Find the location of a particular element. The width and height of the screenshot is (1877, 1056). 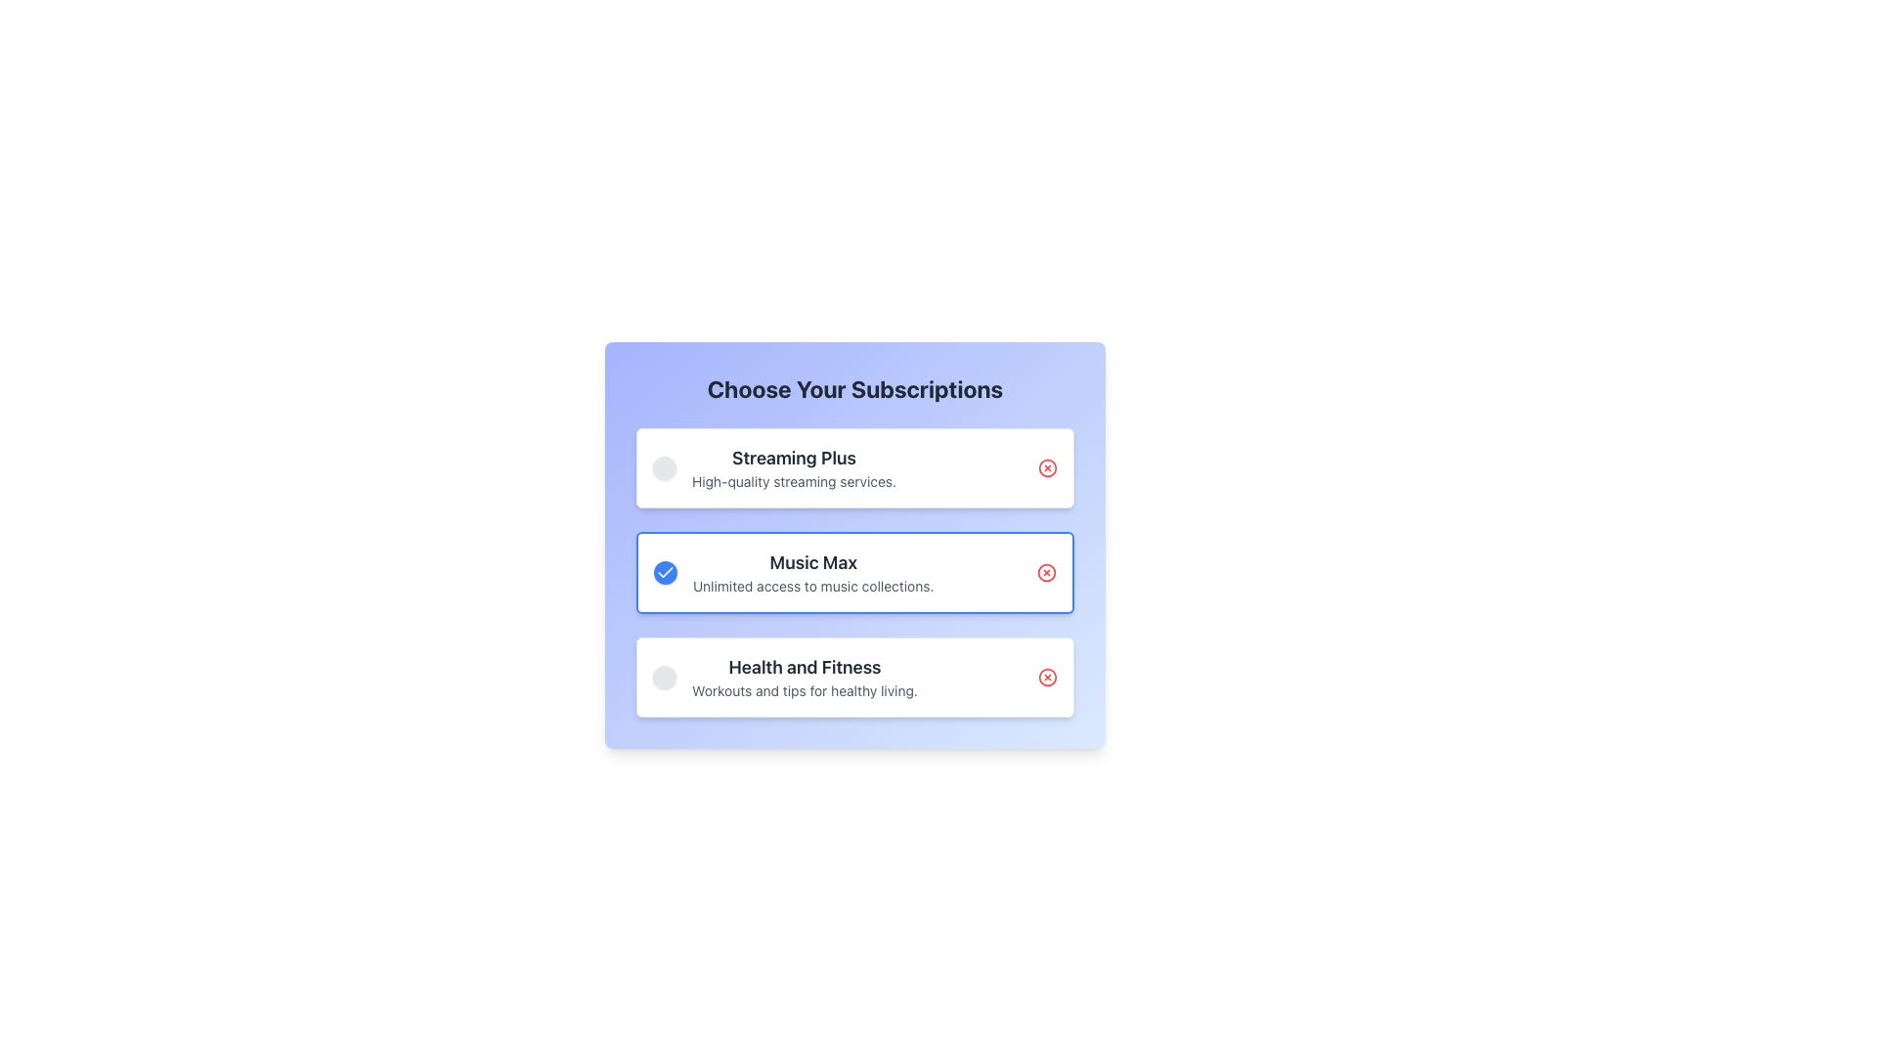

text content of the selectable option labeled 'Music Max' with a blue border and a checkmark icon on the left is located at coordinates (854, 572).